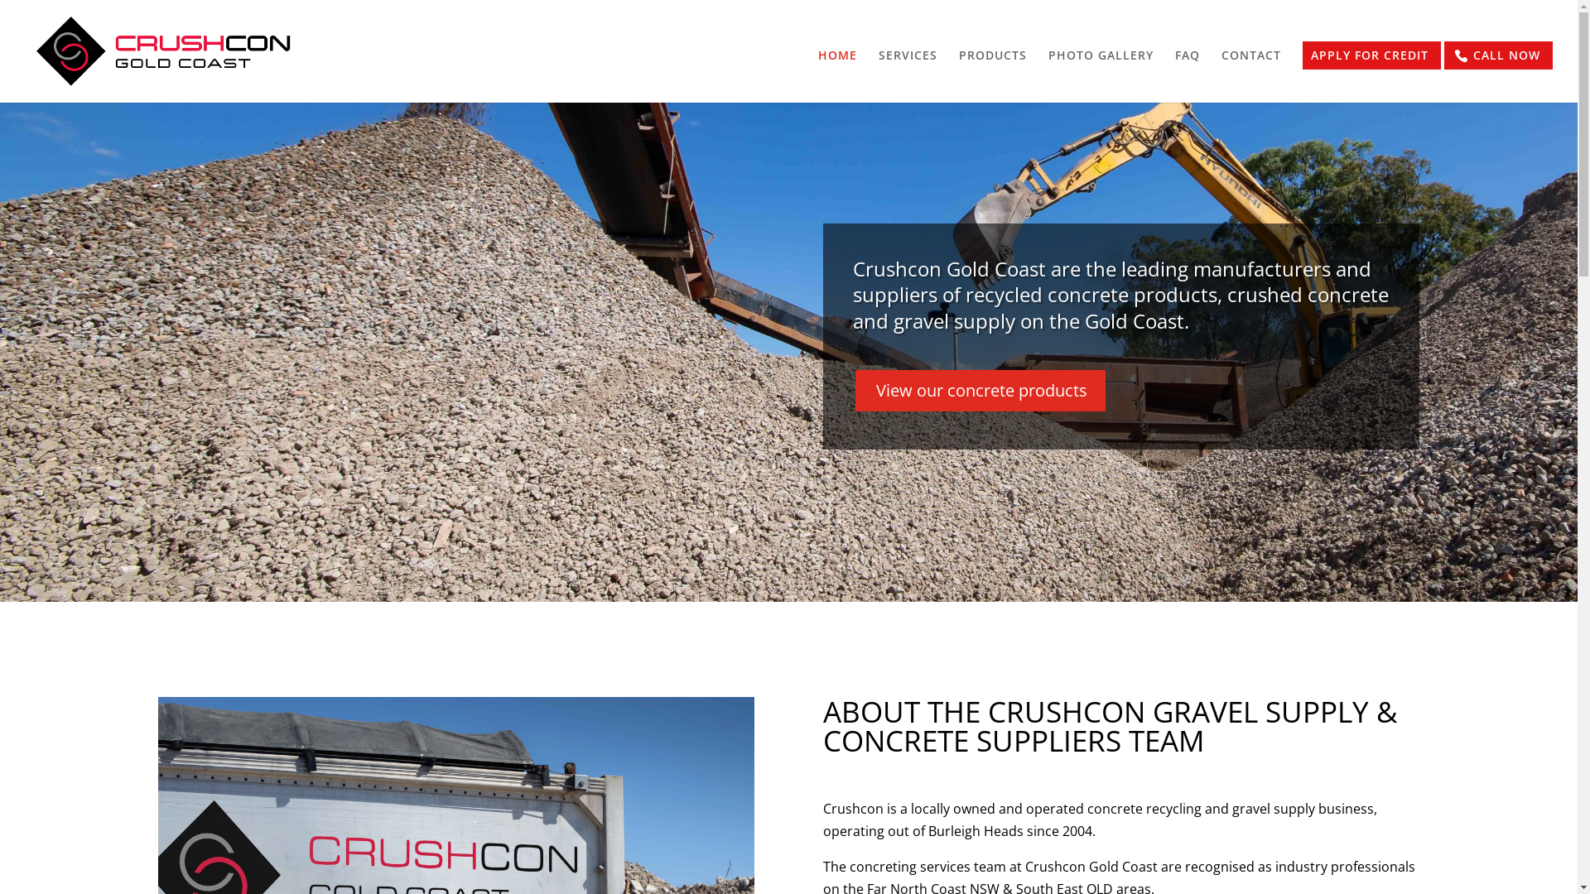 The image size is (1590, 894). What do you see at coordinates (837, 76) in the screenshot?
I see `'HOME'` at bounding box center [837, 76].